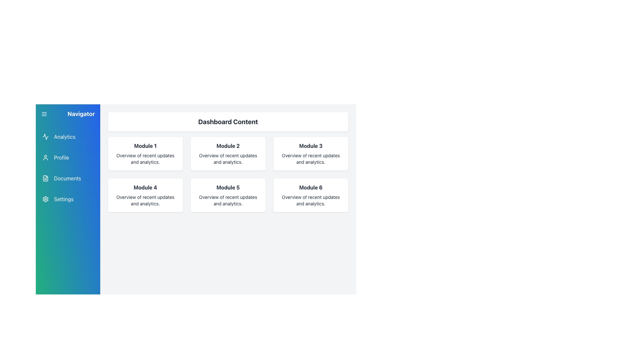 The height and width of the screenshot is (351, 625). What do you see at coordinates (228, 145) in the screenshot?
I see `title label 'Module 2' located centrally in the second card of the grid layout in the 'Dashboard Content' section` at bounding box center [228, 145].